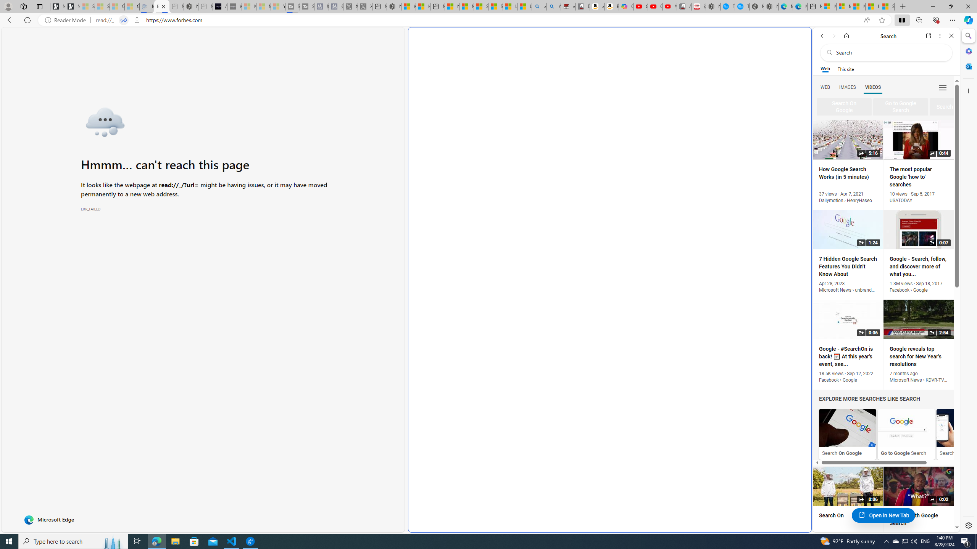 Image resolution: width=977 pixels, height=549 pixels. What do you see at coordinates (847, 427) in the screenshot?
I see `'Search On Google'` at bounding box center [847, 427].